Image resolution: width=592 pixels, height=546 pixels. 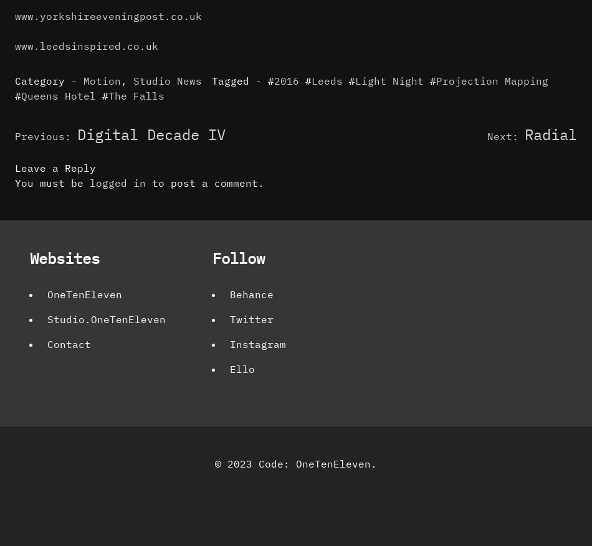 What do you see at coordinates (204, 182) in the screenshot?
I see `'to post a comment.'` at bounding box center [204, 182].